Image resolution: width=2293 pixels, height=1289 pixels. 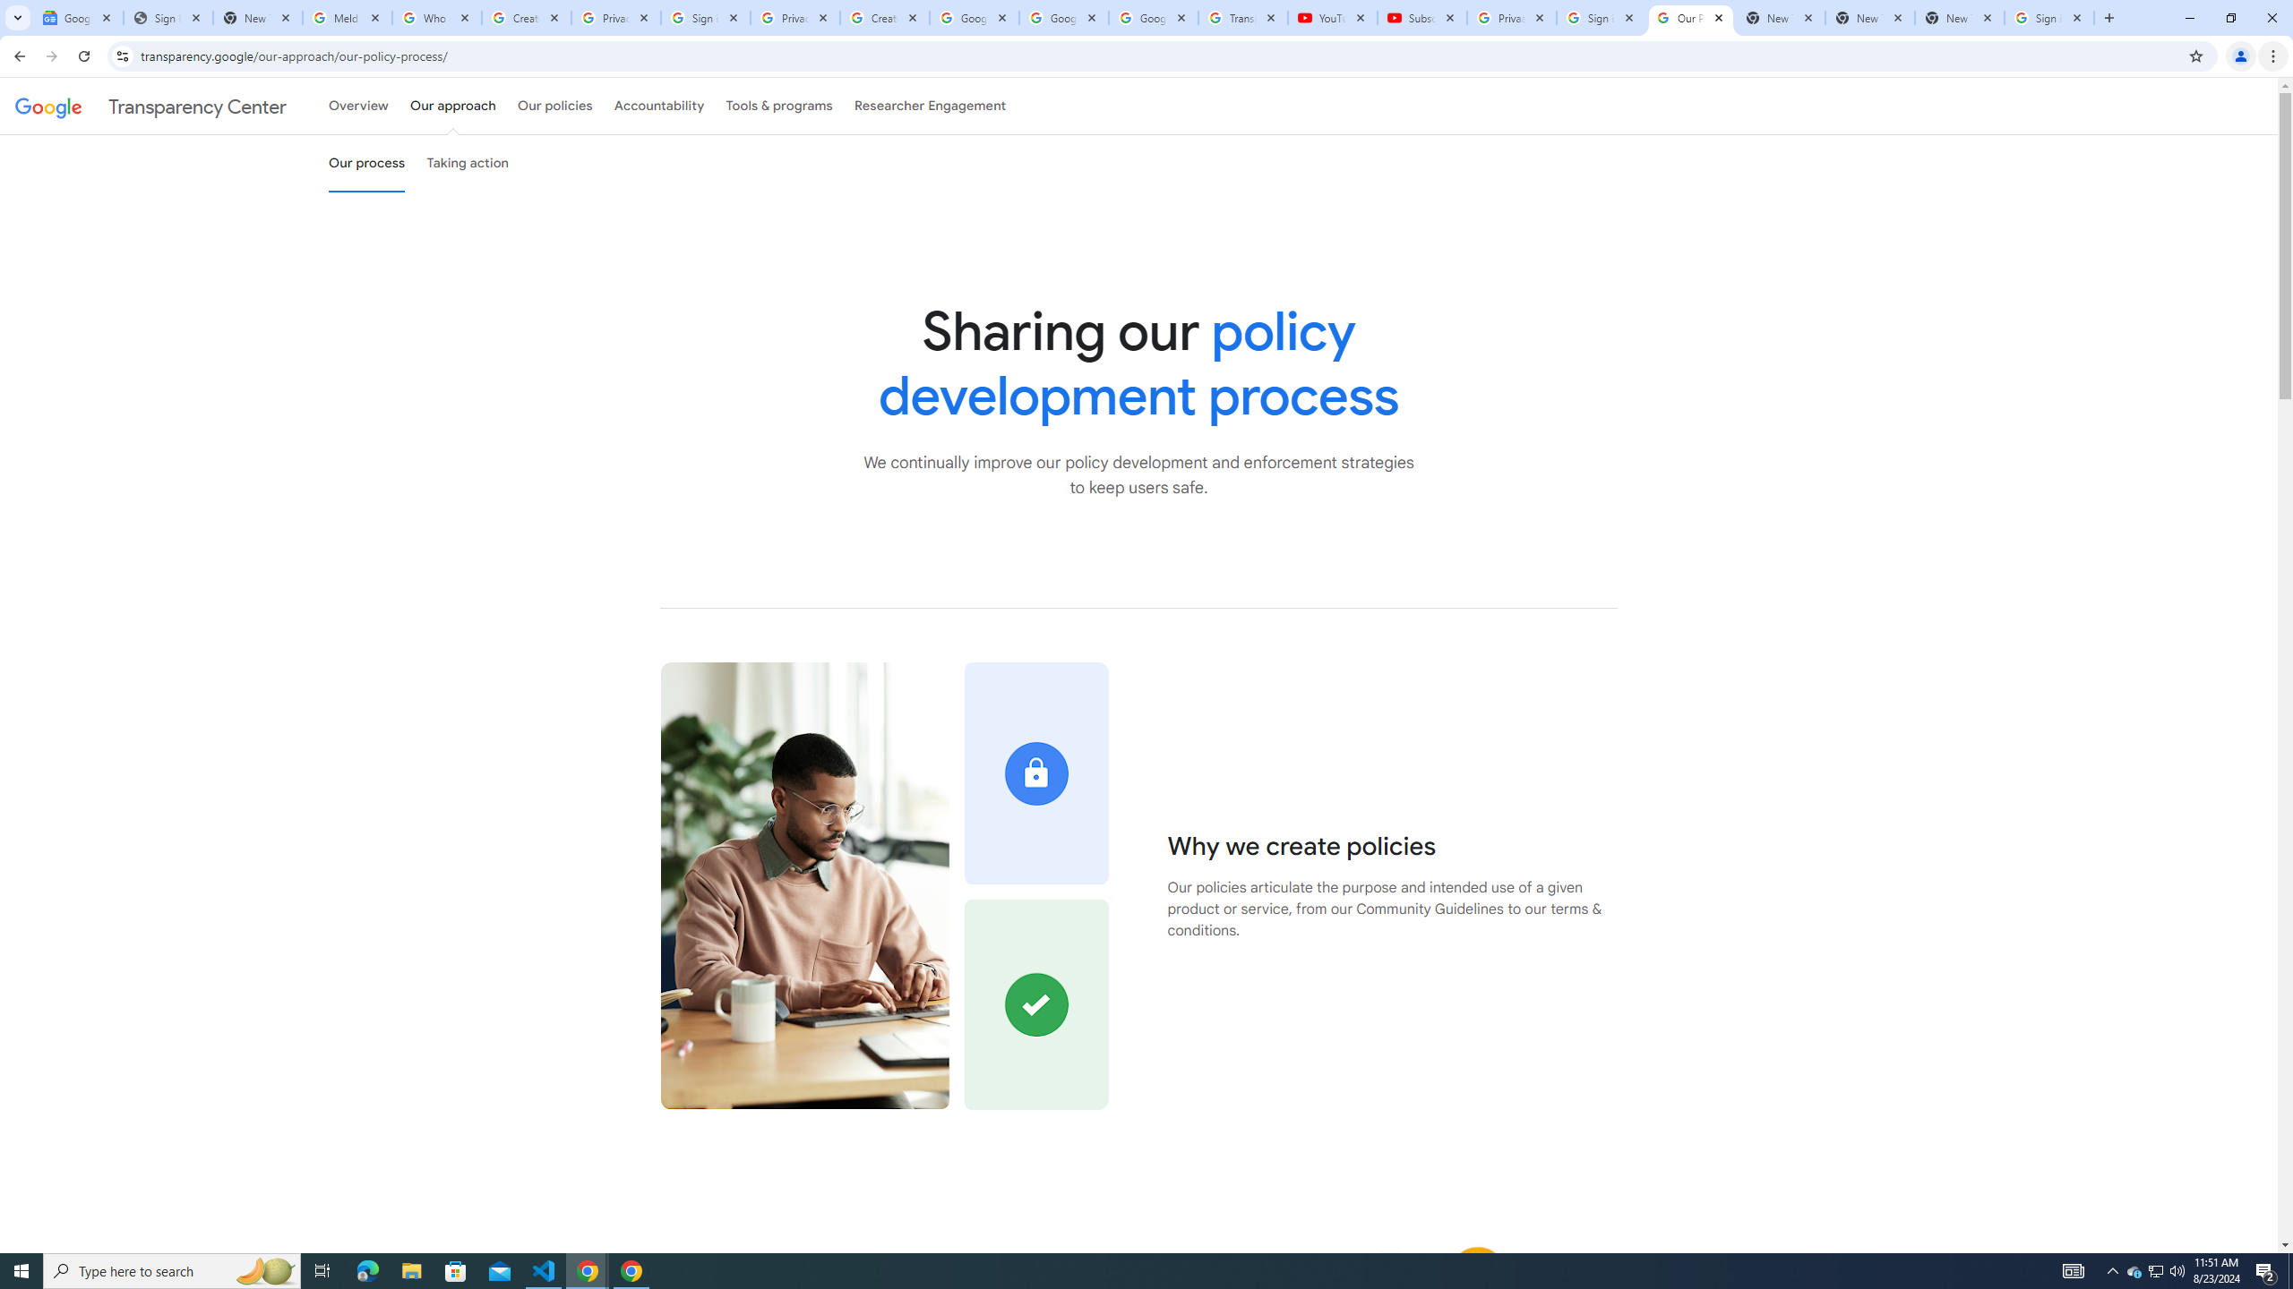 What do you see at coordinates (1960, 17) in the screenshot?
I see `'New Tab'` at bounding box center [1960, 17].